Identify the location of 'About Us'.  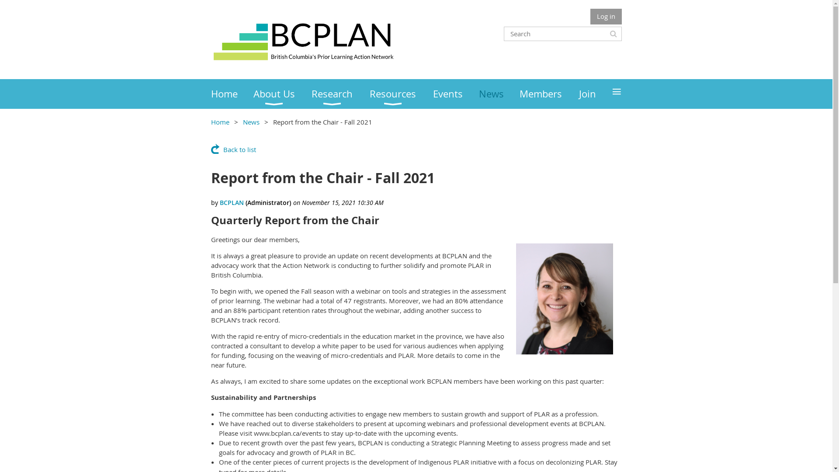
(283, 94).